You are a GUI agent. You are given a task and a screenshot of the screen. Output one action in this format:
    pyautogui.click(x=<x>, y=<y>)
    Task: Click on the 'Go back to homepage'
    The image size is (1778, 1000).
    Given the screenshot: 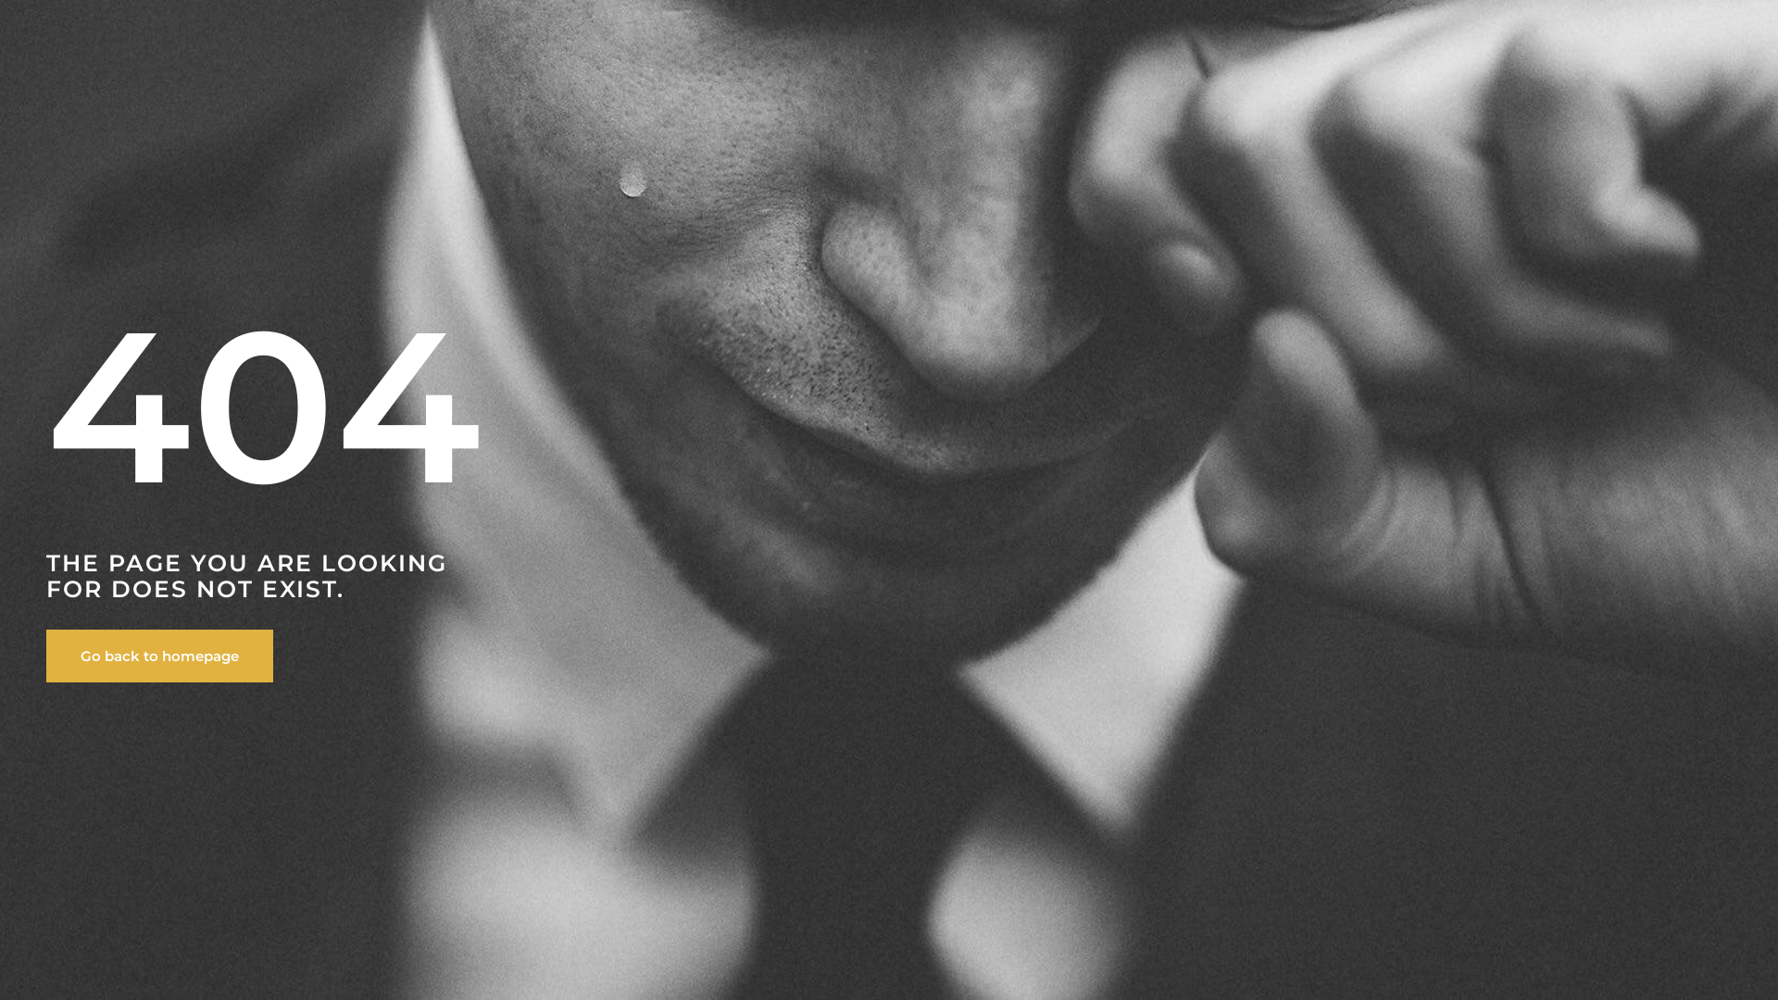 What is the action you would take?
    pyautogui.click(x=159, y=655)
    